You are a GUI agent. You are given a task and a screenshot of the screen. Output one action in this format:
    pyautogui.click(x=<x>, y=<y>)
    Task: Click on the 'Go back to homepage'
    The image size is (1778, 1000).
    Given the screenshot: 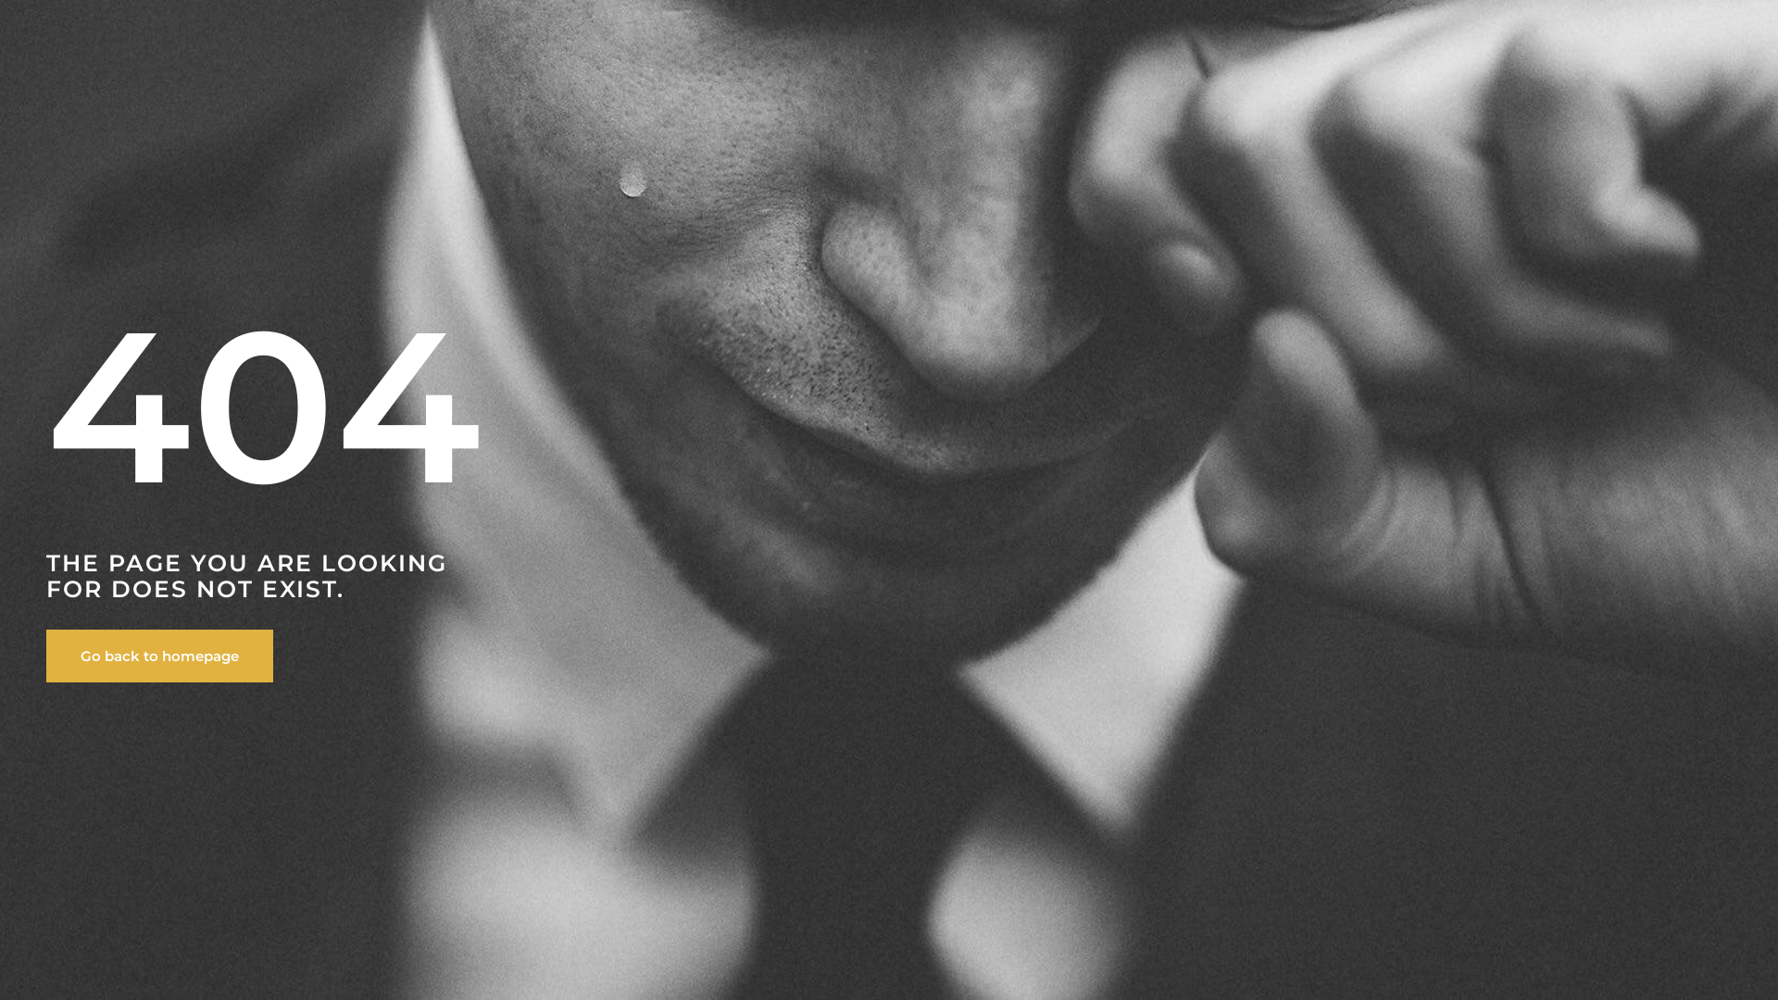 What is the action you would take?
    pyautogui.click(x=159, y=655)
    